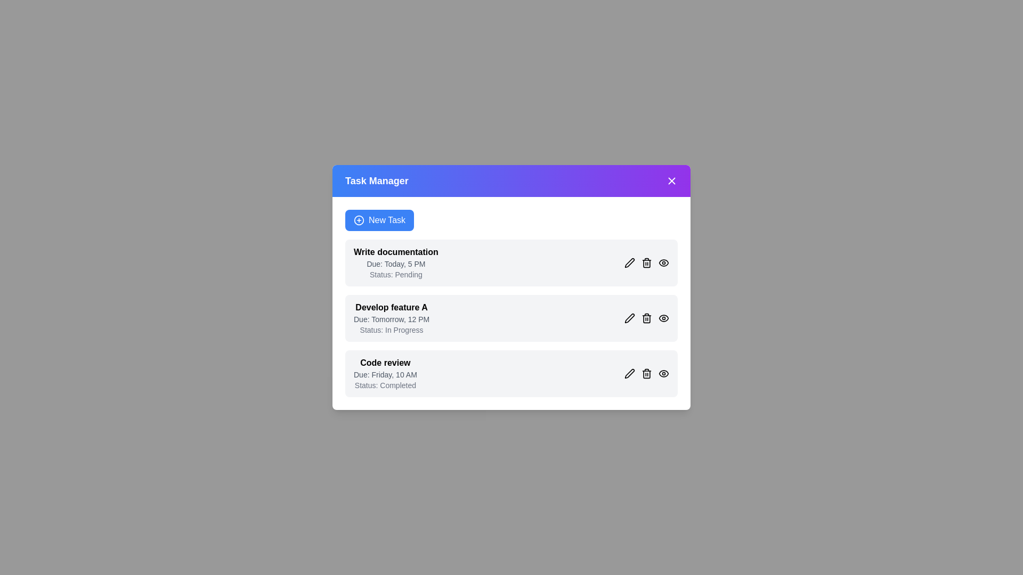  Describe the element at coordinates (629, 373) in the screenshot. I see `'Edit' button next to the task 'Code review' to edit its details` at that location.